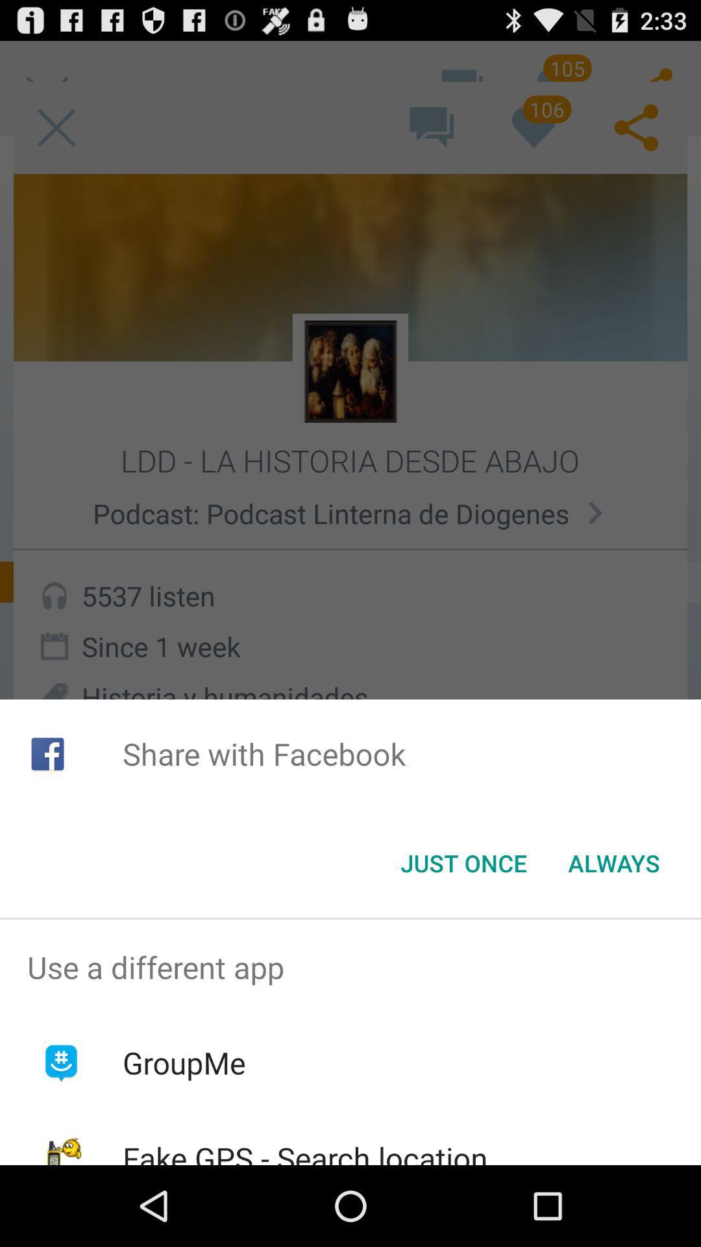 The image size is (701, 1247). What do you see at coordinates (350, 967) in the screenshot?
I see `use a different app` at bounding box center [350, 967].